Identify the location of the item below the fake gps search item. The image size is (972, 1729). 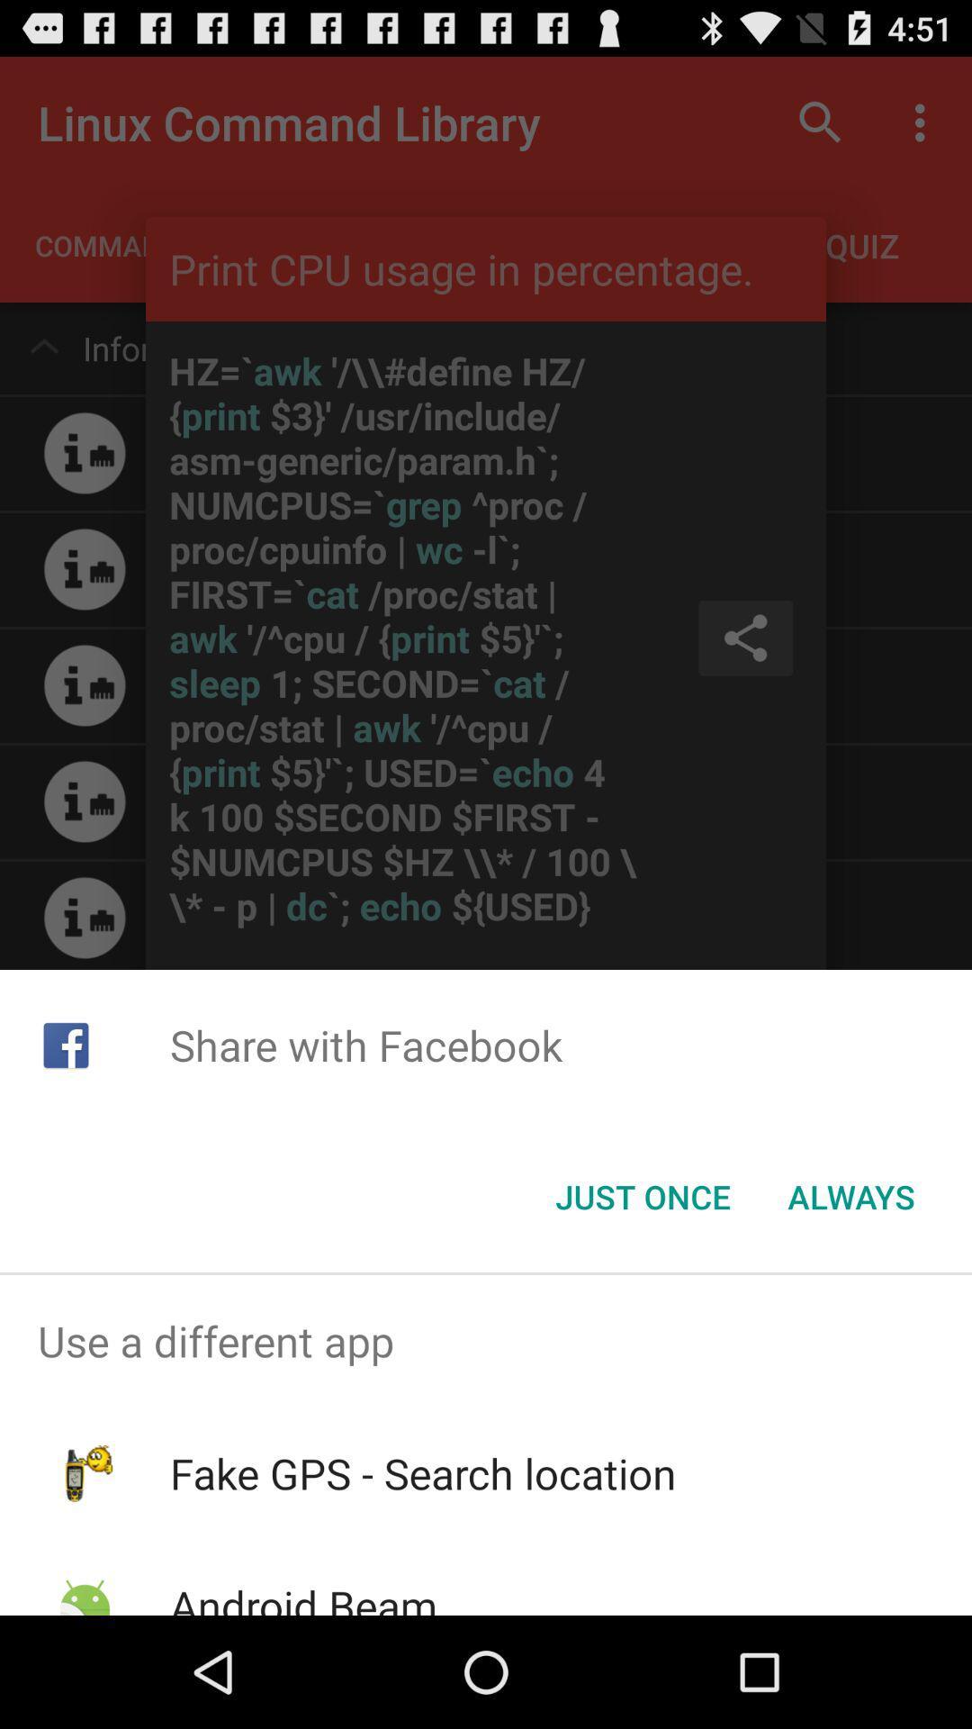
(302, 1596).